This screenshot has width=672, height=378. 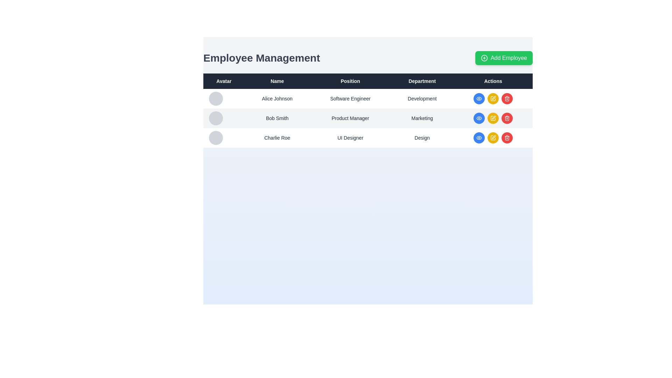 I want to click on the 'Marketing' text label in the 'Department' column corresponding to 'Bob Smith', so click(x=422, y=118).